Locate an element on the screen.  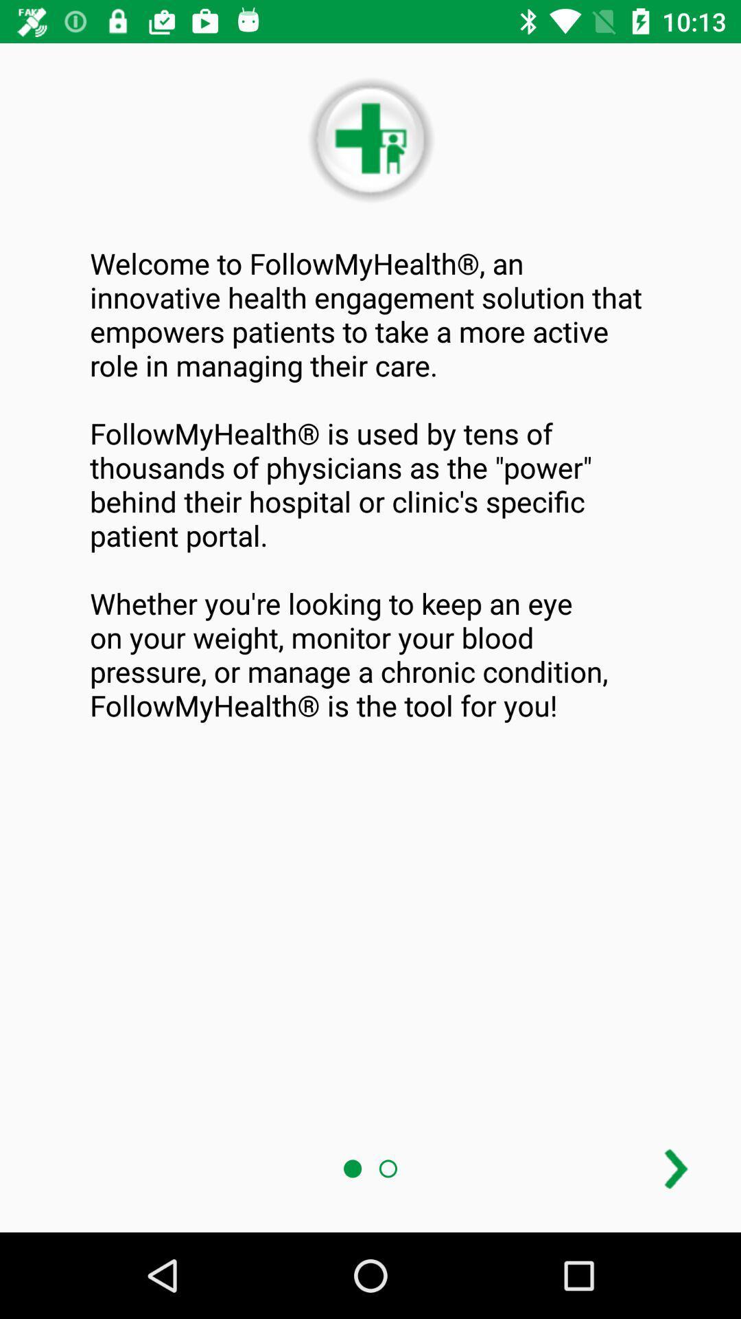
welcome to followmyhealth is located at coordinates (370, 484).